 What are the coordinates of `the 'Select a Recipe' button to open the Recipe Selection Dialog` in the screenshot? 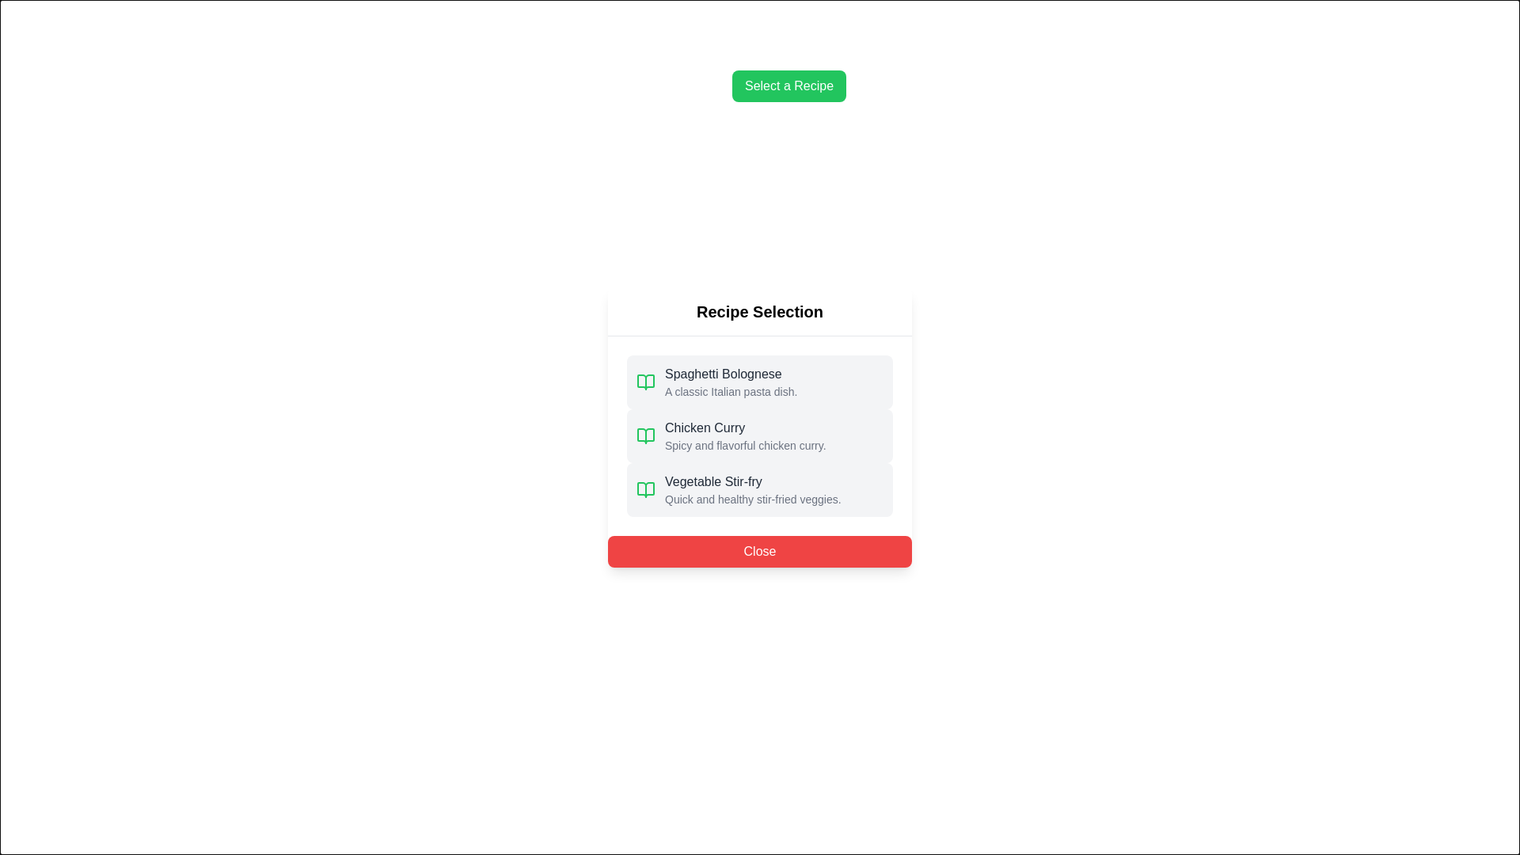 It's located at (789, 85).